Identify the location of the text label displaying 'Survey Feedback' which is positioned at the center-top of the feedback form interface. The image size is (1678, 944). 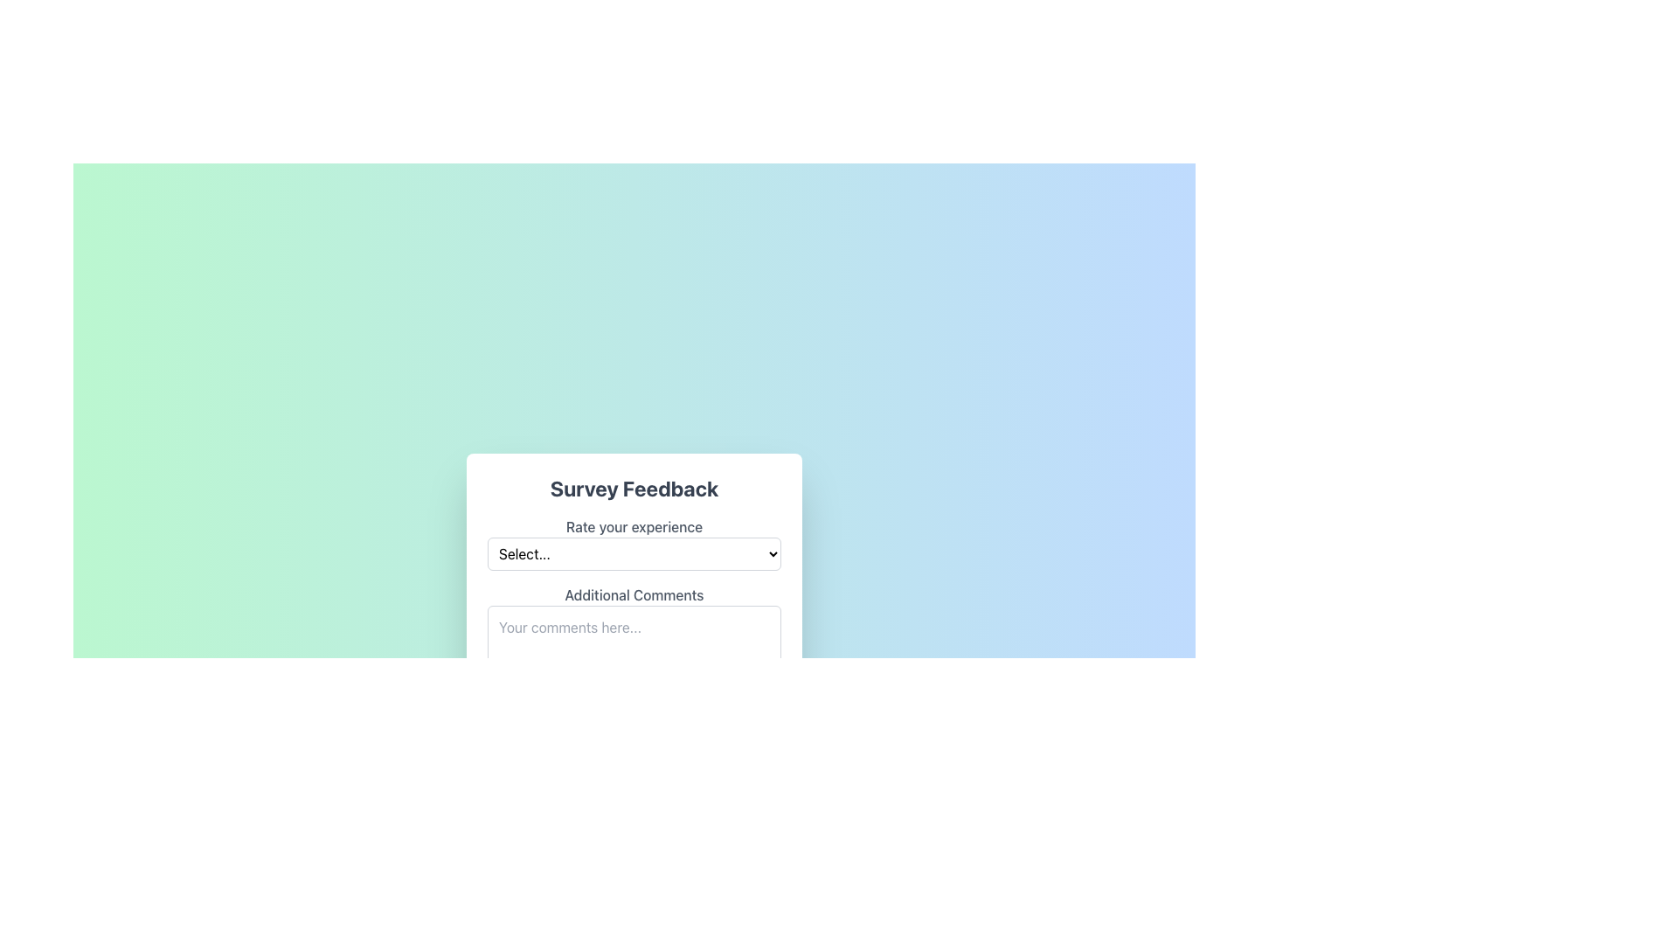
(633, 489).